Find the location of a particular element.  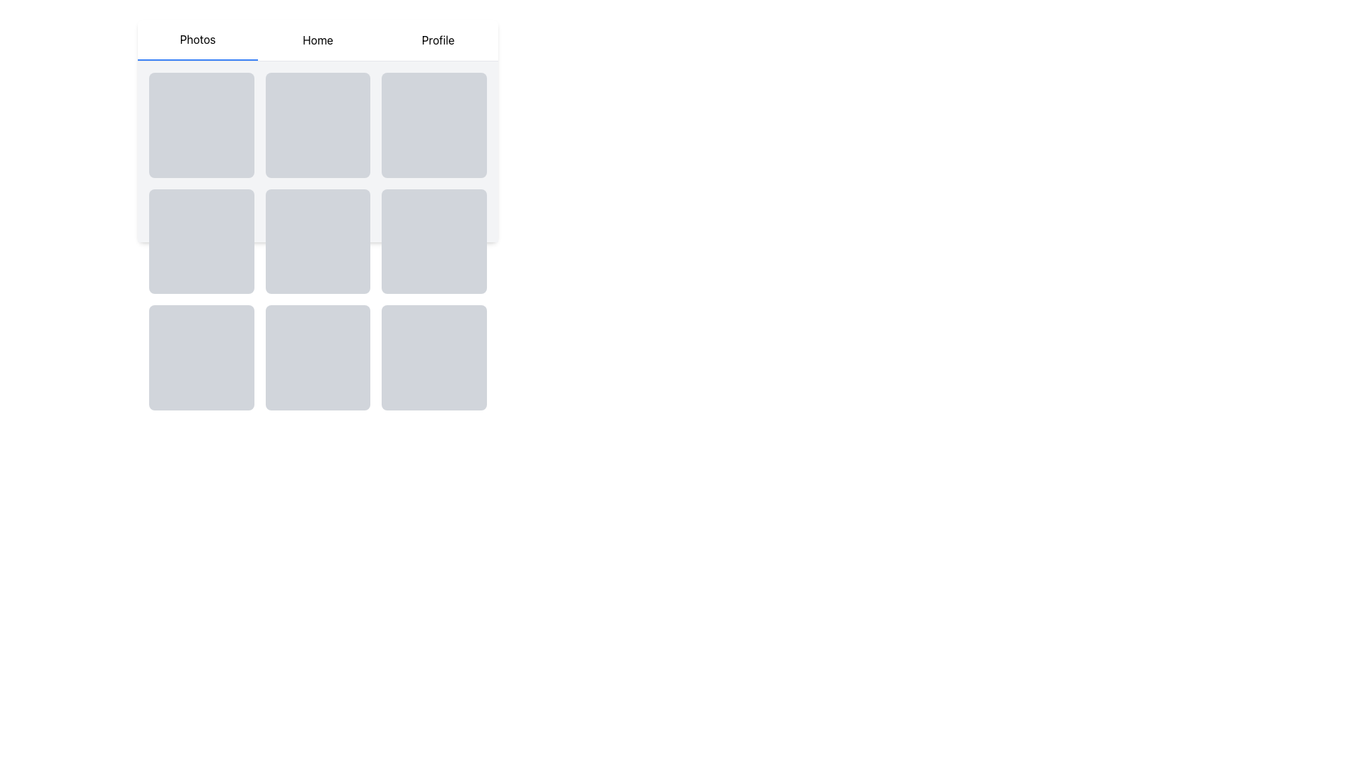

the second box in the first row of a 3x3 grid layout, which acts as a non-interactive placeholder is located at coordinates (317, 124).